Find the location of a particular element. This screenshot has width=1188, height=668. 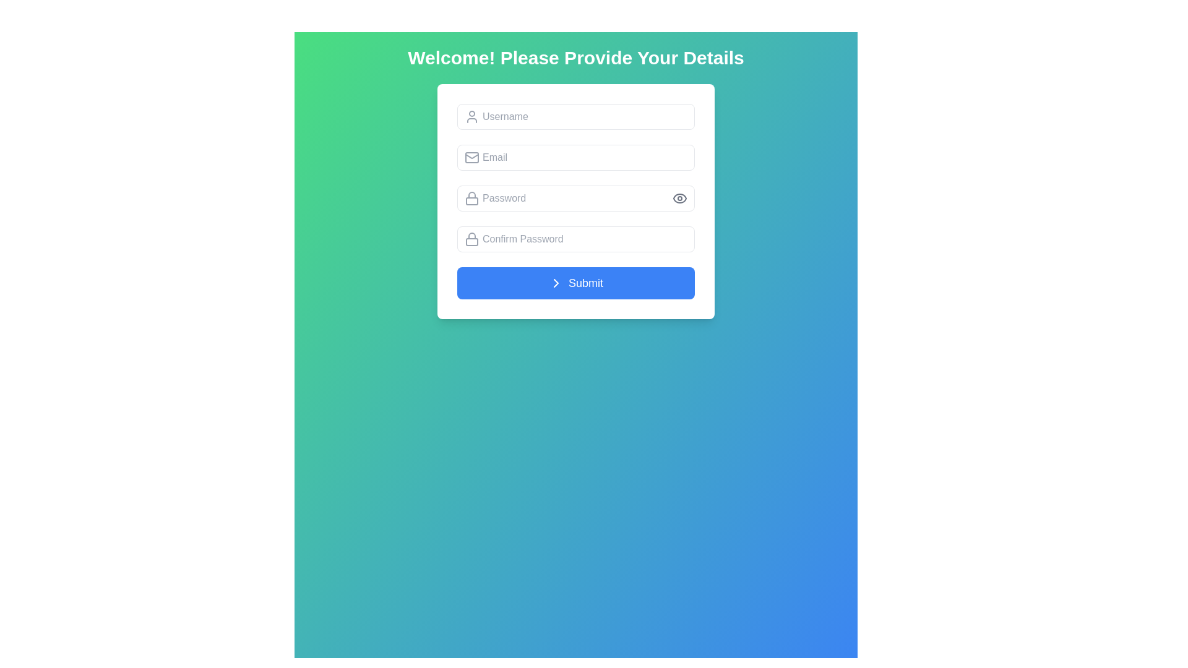

the Password input field, which is the third input field from the top within a white card layout, to focus on it for typing is located at coordinates (575, 201).